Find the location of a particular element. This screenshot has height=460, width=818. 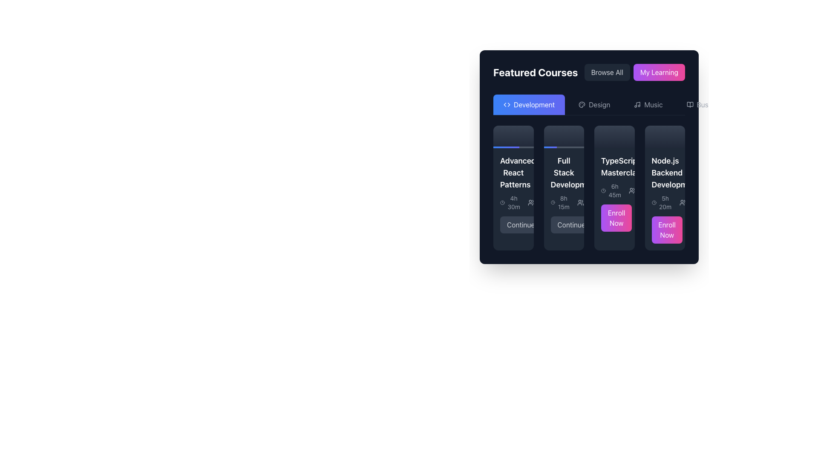

the clock SVG icon that visually represents the time duration ('4h 30m') in the 'Featured Courses' section, located at the top-left corner of the first card is located at coordinates (502, 203).